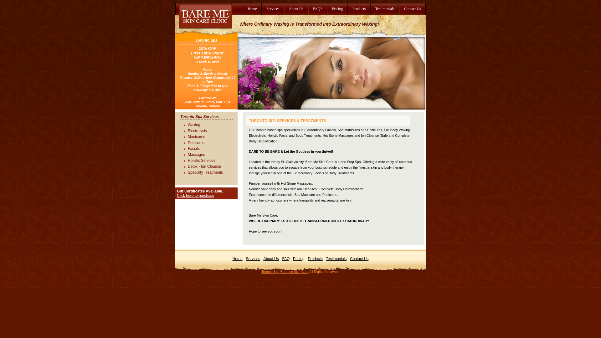  Describe the element at coordinates (211, 165) in the screenshot. I see `'Detox - Ion Cleanse'` at that location.